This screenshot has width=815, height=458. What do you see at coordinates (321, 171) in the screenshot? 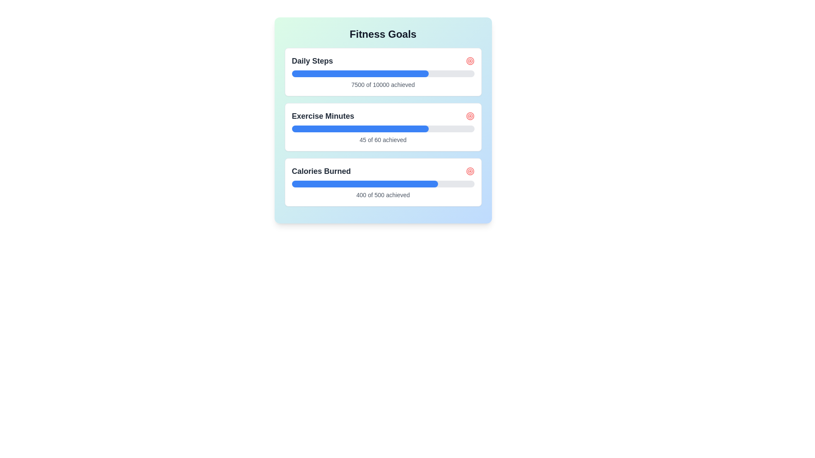
I see `the 'Calories Burned' text label, which serves as a title for the section, located in the third section of a vertically stacked layout aligned to the left-hand side` at bounding box center [321, 171].